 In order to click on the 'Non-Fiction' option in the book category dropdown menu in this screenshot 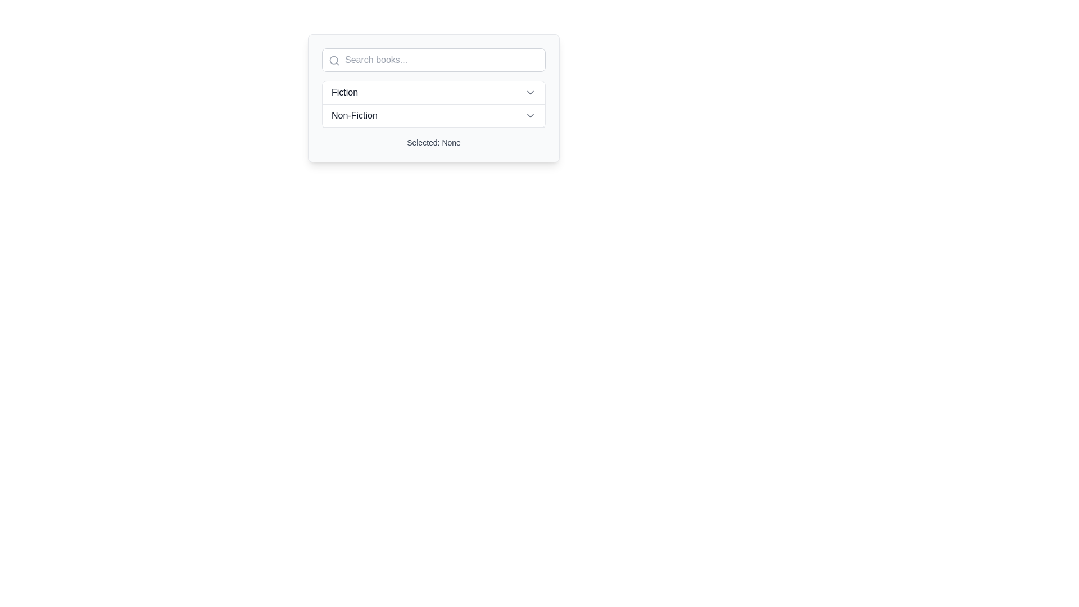, I will do `click(433, 115)`.